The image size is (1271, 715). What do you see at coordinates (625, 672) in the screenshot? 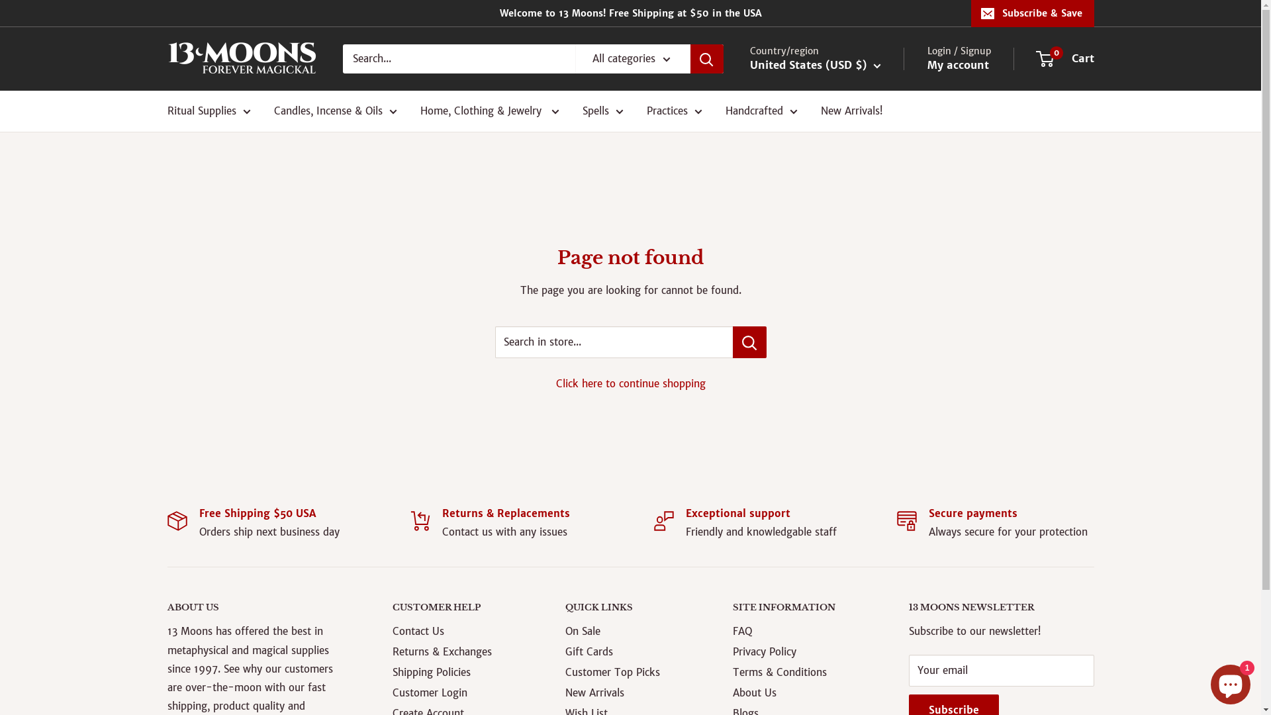
I see `'Customer Top Picks'` at bounding box center [625, 672].